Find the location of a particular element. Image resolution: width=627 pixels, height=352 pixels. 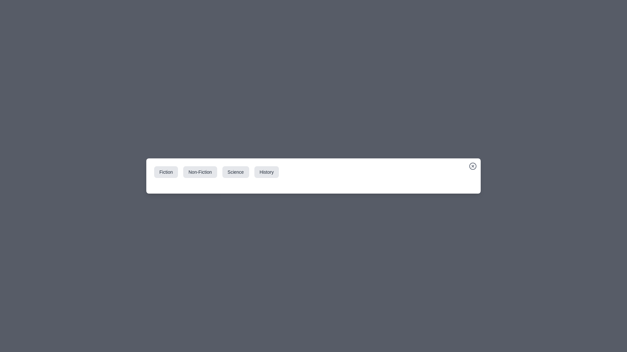

the category tab labeled Non-Fiction is located at coordinates (200, 172).